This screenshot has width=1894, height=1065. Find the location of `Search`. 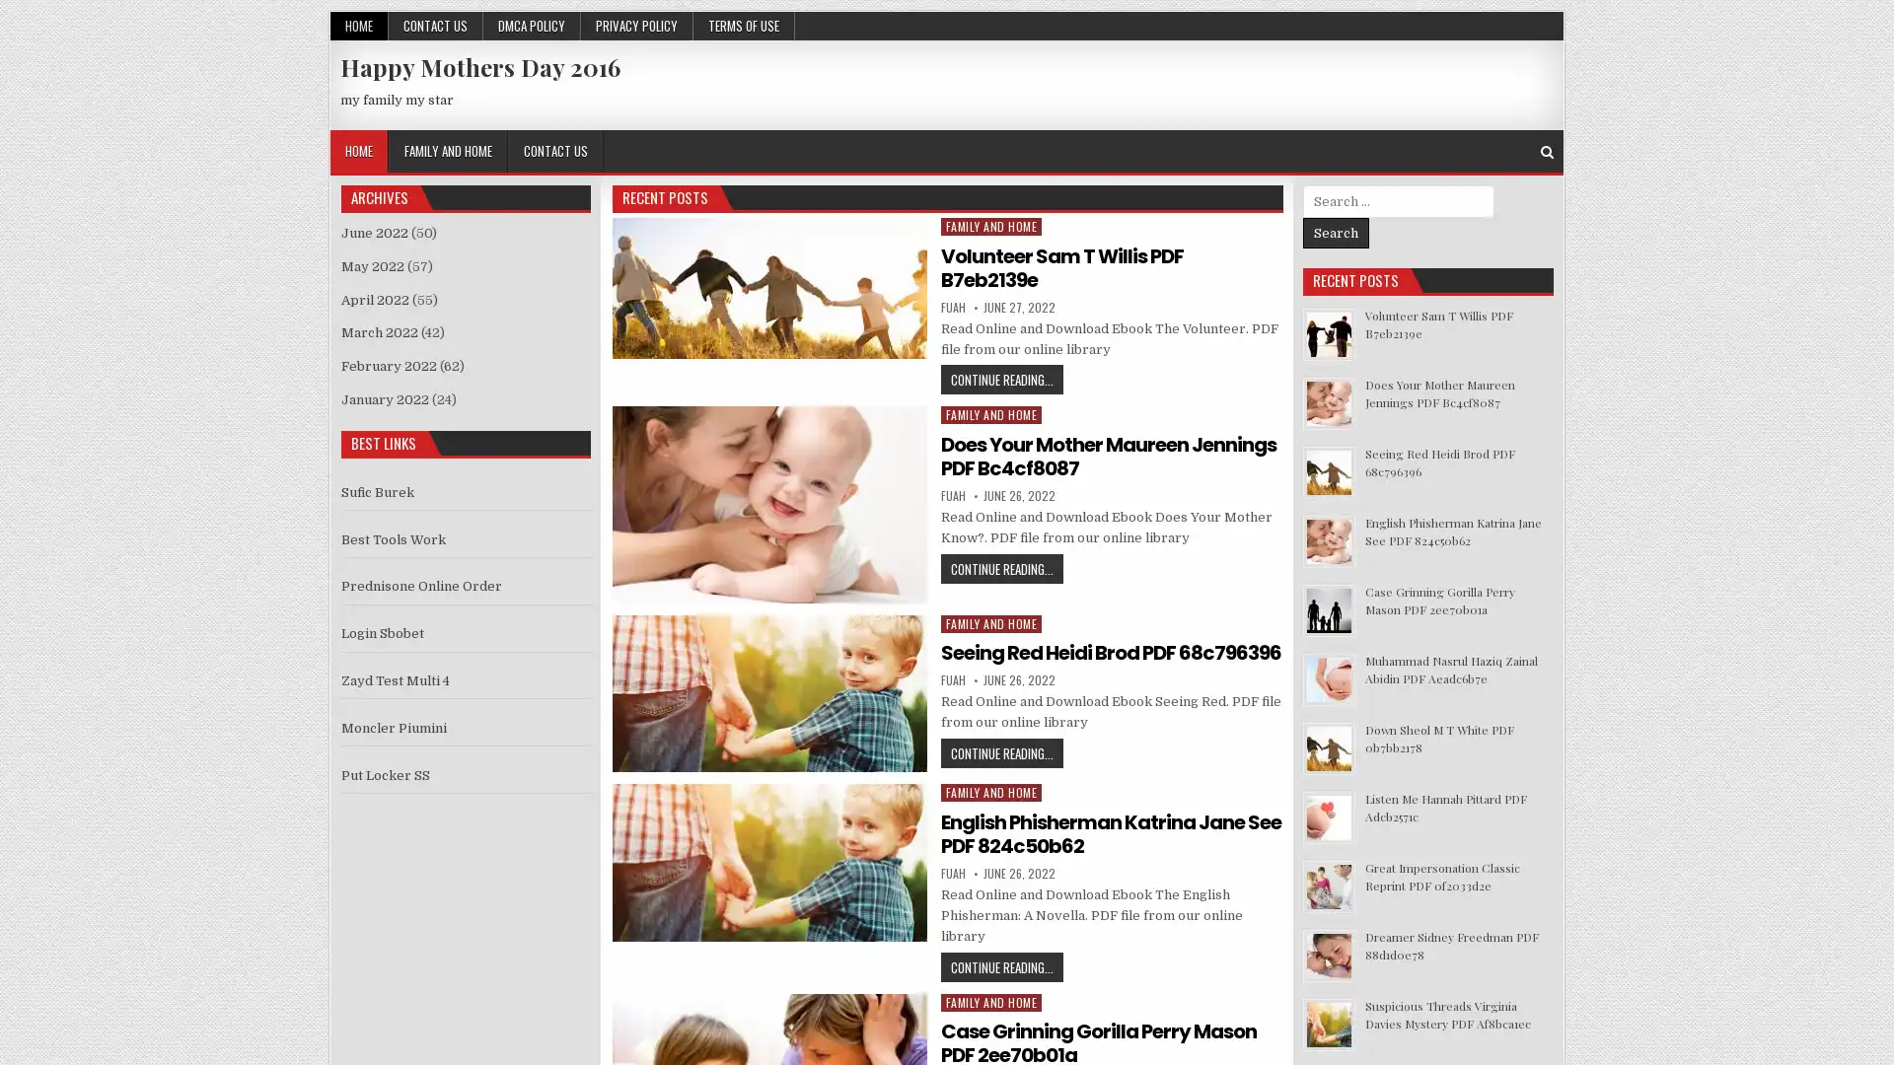

Search is located at coordinates (1336, 232).